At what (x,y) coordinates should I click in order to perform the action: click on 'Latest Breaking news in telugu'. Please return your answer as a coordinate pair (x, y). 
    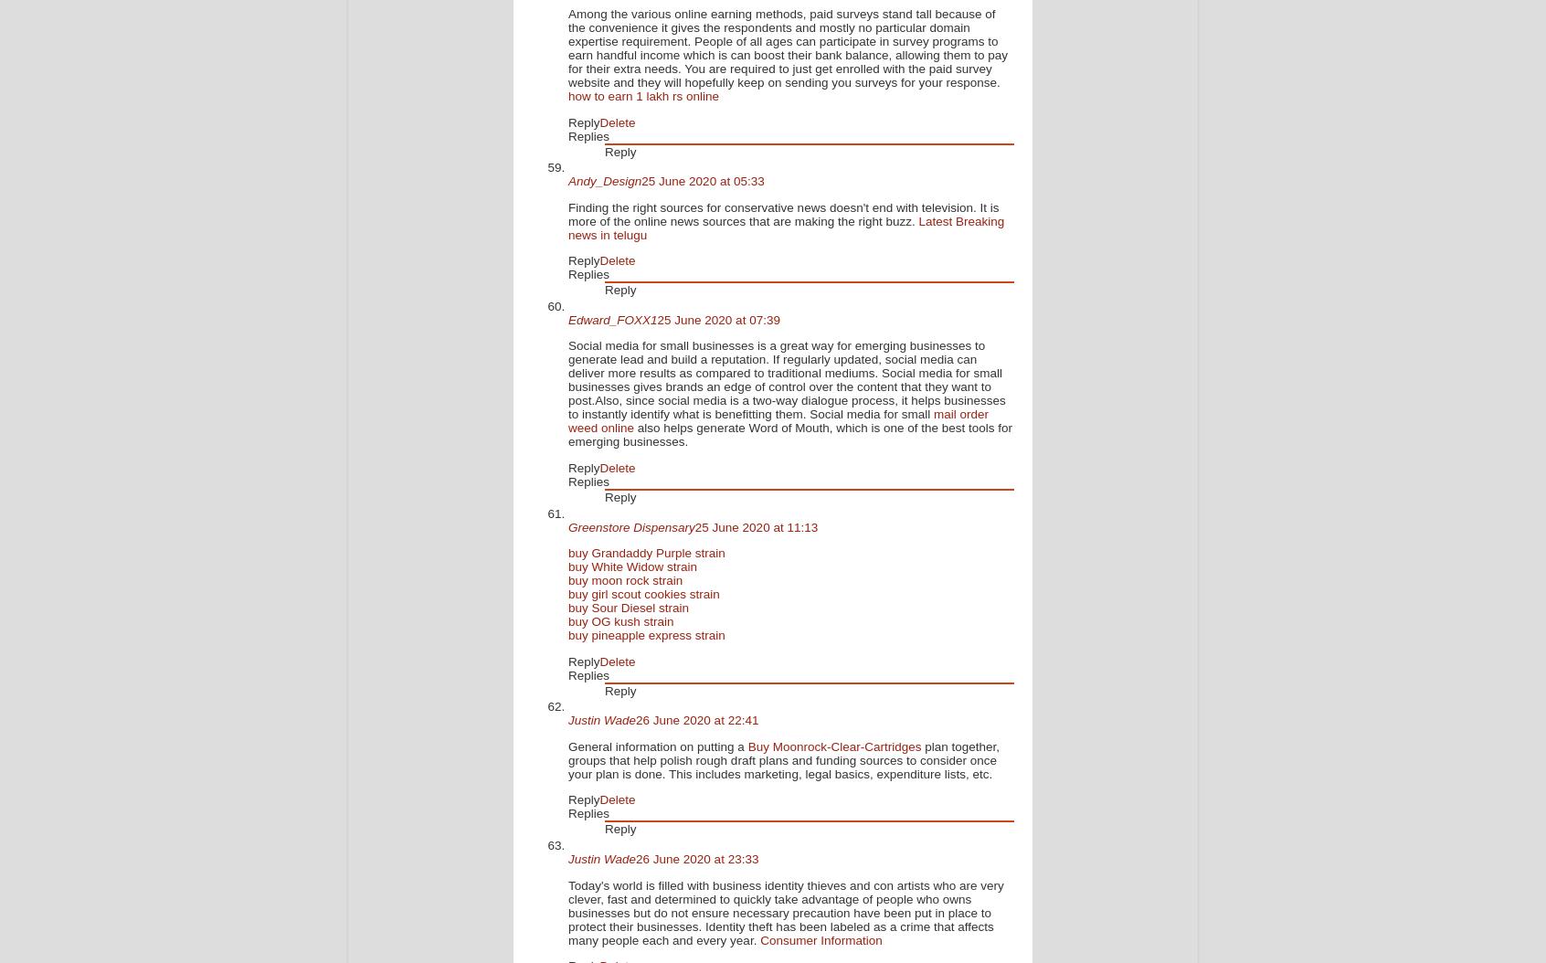
    Looking at the image, I should click on (785, 227).